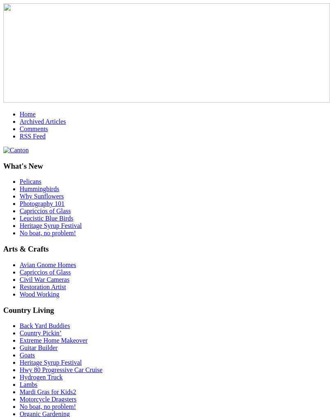 This screenshot has width=330, height=417. I want to click on 'Hwy 80 Progressive Car Cruise', so click(60, 370).